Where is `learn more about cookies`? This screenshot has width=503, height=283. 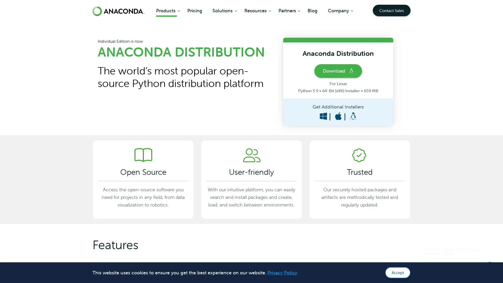
learn more about cookies is located at coordinates (282, 272).